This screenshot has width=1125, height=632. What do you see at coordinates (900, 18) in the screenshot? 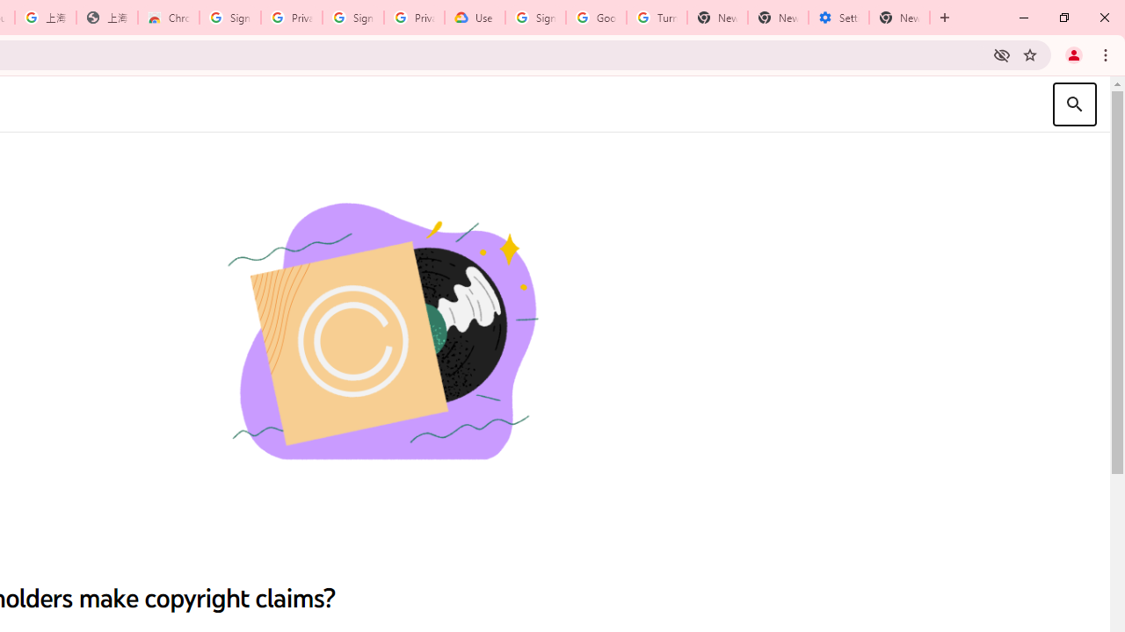
I see `'New Tab'` at bounding box center [900, 18].